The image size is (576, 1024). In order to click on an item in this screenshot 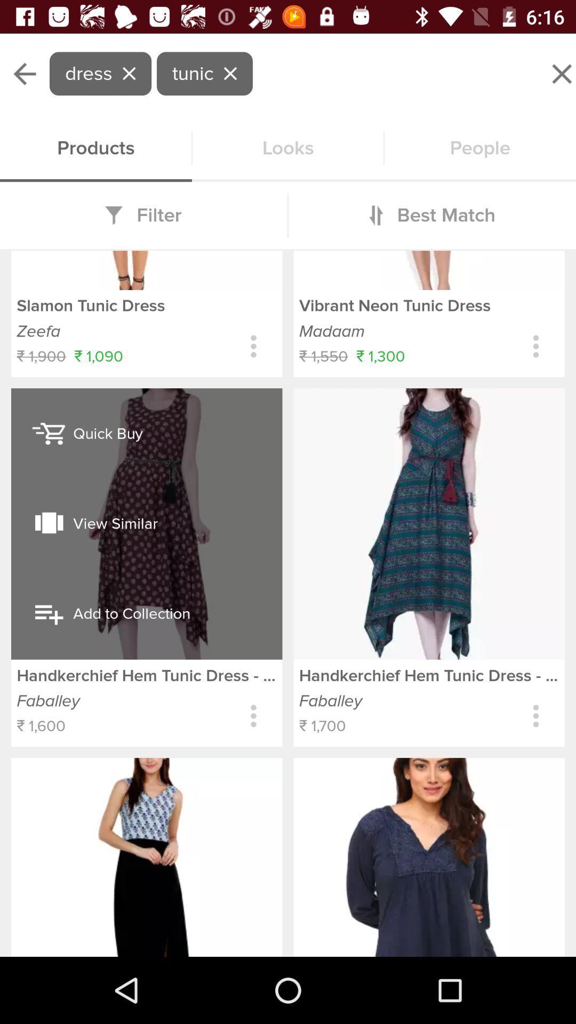, I will do `click(288, 569)`.